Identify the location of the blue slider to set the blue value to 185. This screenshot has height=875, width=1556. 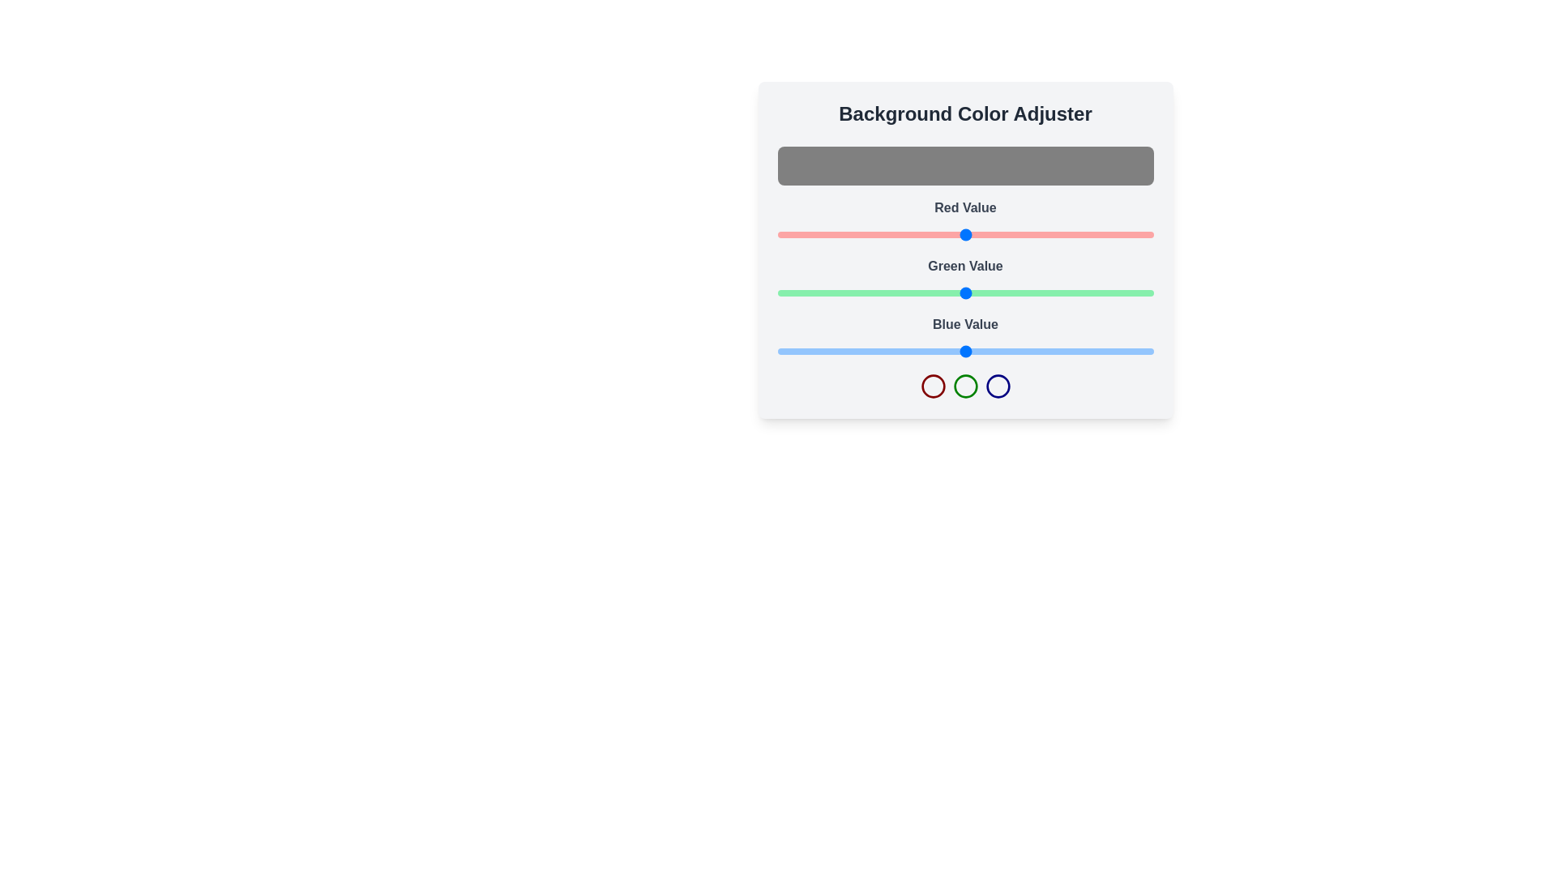
(1050, 351).